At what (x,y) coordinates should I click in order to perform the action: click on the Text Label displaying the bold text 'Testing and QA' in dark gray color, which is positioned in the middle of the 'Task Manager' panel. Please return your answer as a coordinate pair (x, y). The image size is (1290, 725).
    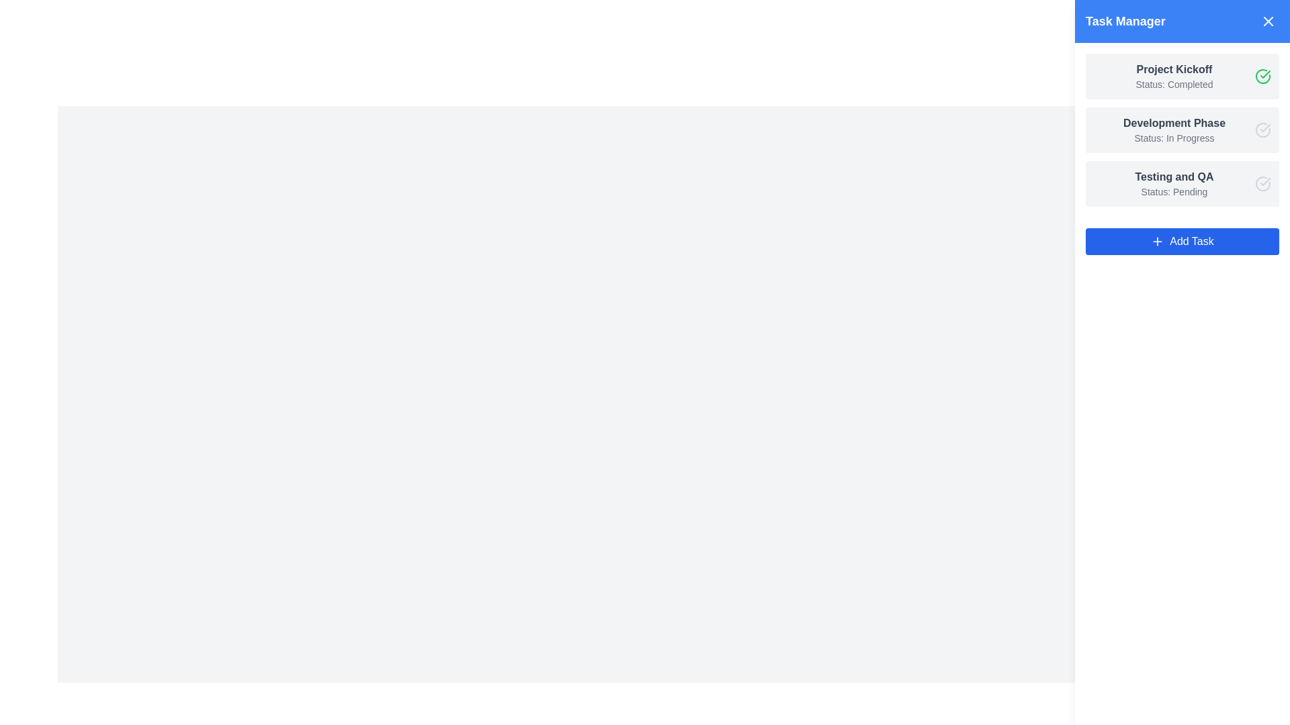
    Looking at the image, I should click on (1173, 176).